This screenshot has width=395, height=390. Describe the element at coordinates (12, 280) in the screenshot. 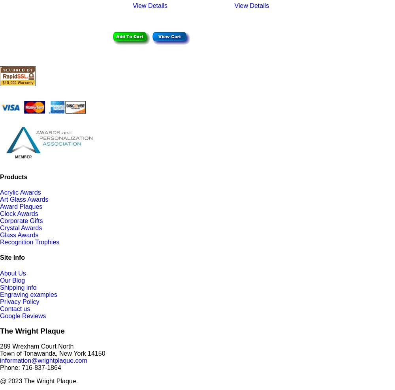

I see `'Our Blog'` at that location.